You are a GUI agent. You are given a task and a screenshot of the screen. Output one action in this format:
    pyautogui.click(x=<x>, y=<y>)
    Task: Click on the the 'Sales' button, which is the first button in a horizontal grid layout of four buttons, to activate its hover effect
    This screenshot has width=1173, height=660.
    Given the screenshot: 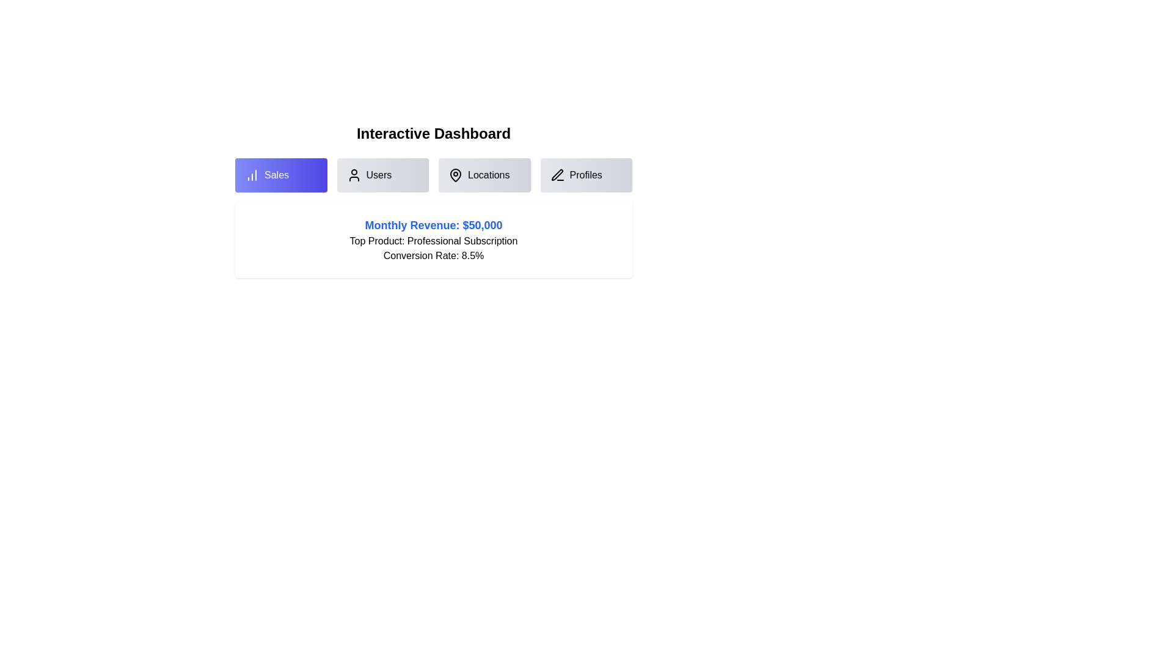 What is the action you would take?
    pyautogui.click(x=280, y=175)
    